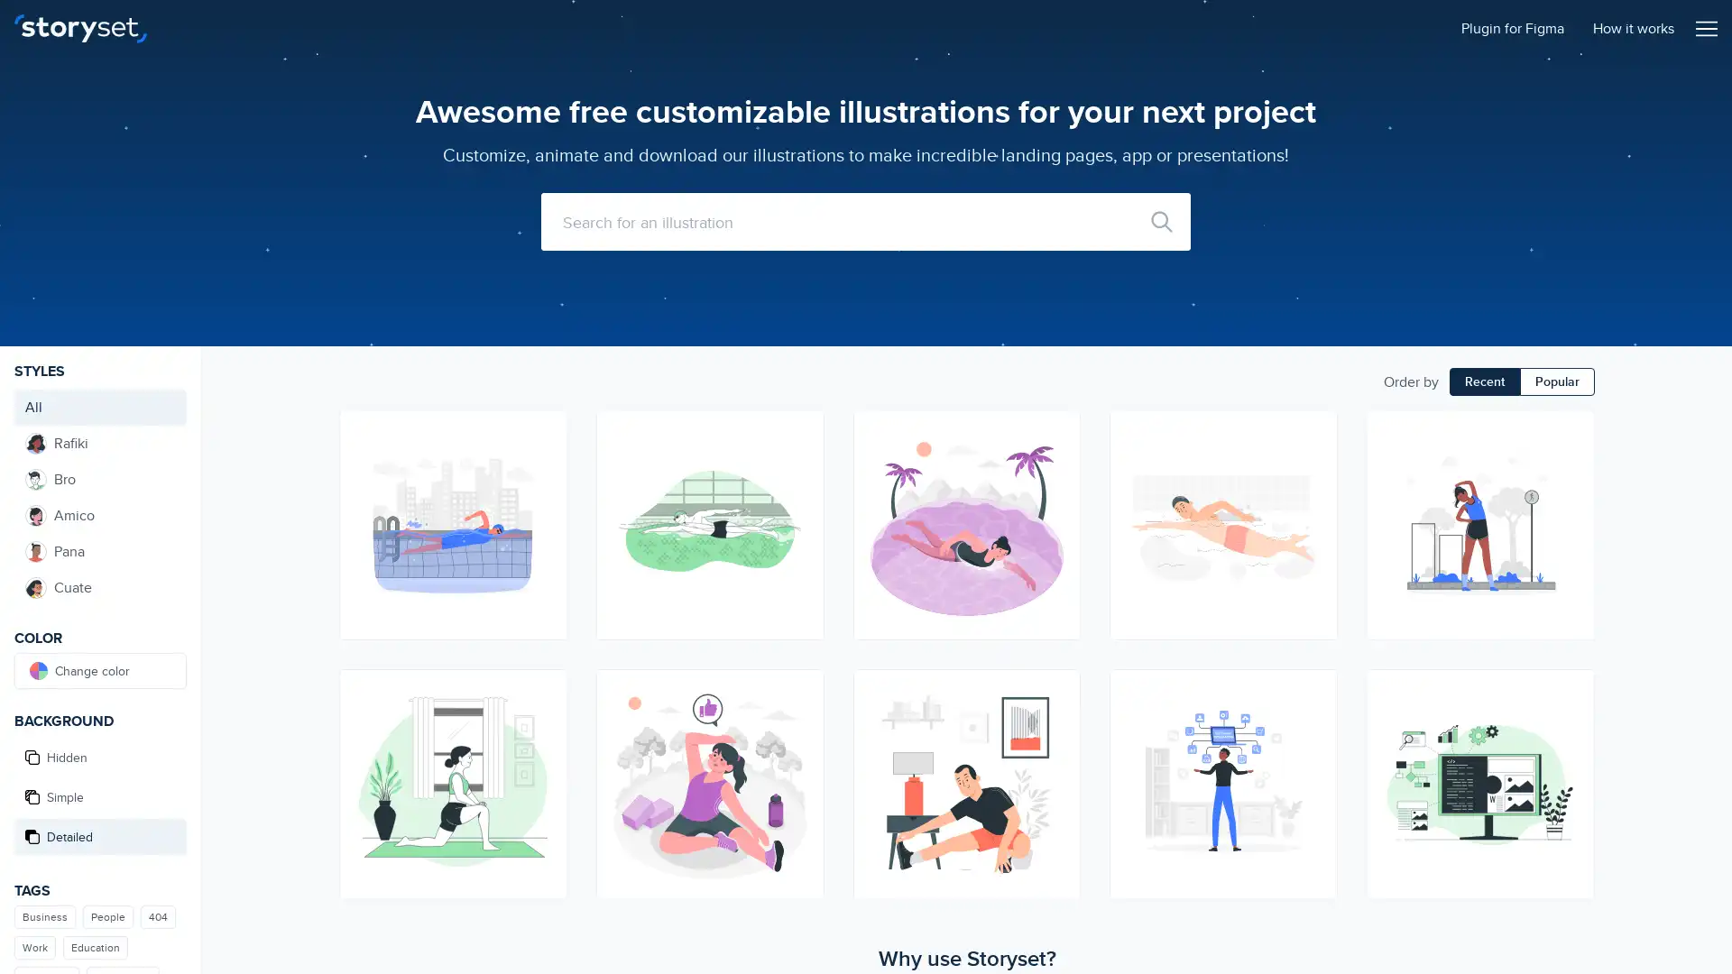  I want to click on Search button, so click(1161, 221).